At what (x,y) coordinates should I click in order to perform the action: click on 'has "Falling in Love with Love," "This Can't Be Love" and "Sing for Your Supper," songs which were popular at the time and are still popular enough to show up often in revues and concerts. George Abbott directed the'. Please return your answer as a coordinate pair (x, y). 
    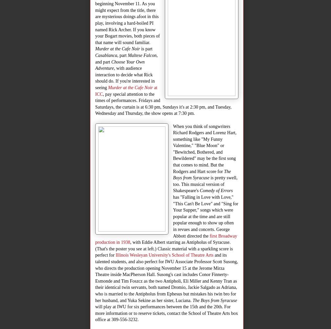
    Looking at the image, I should click on (205, 216).